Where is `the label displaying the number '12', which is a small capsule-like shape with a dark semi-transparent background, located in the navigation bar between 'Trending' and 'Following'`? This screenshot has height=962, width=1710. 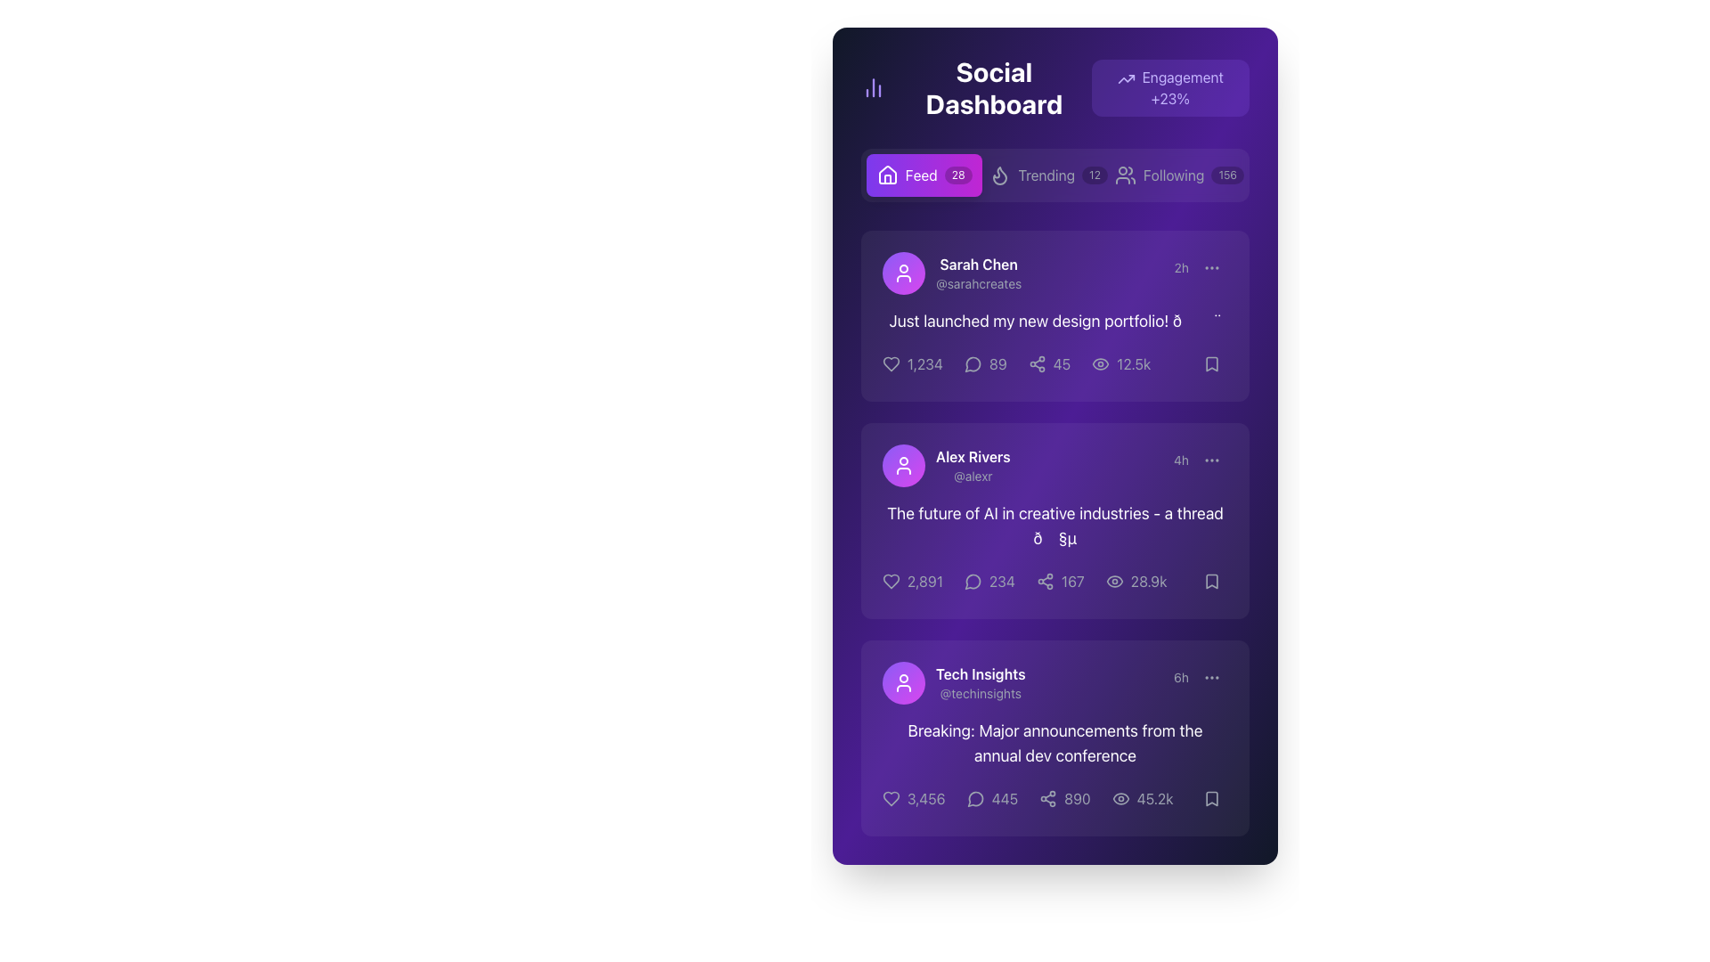 the label displaying the number '12', which is a small capsule-like shape with a dark semi-transparent background, located in the navigation bar between 'Trending' and 'Following' is located at coordinates (1094, 175).